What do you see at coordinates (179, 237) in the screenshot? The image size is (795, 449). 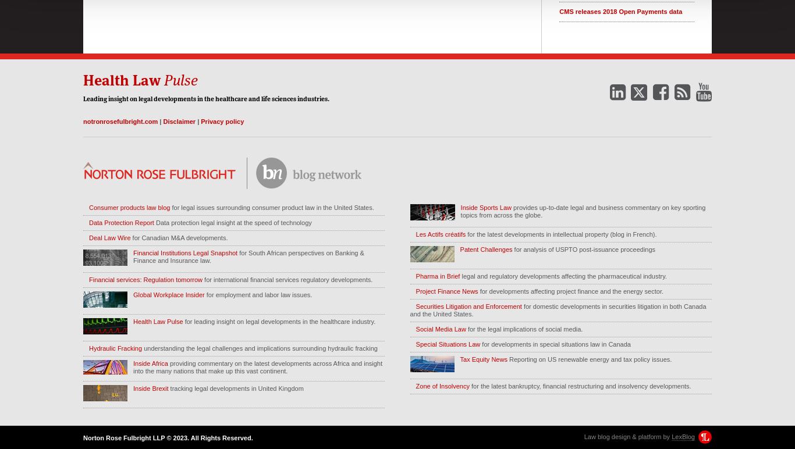 I see `'for Canadian M&A developments.'` at bounding box center [179, 237].